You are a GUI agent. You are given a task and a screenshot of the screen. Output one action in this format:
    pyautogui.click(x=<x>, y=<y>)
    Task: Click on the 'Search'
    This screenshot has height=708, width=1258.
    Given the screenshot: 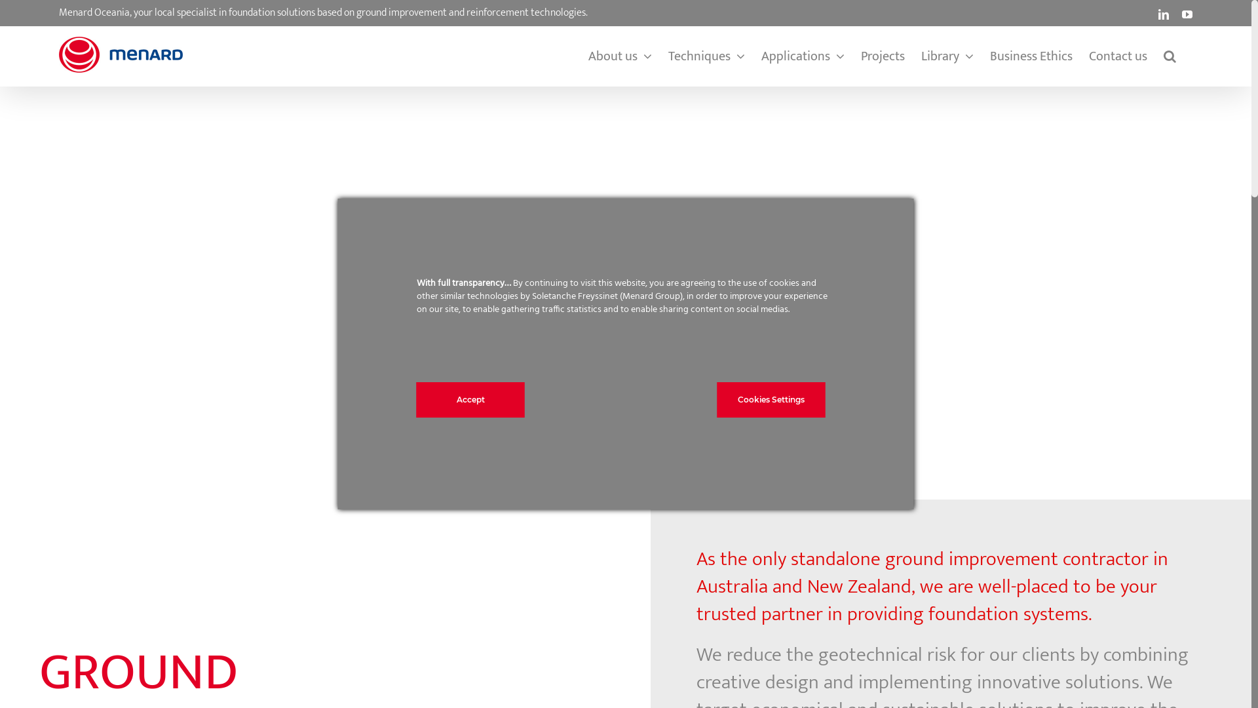 What is the action you would take?
    pyautogui.click(x=1170, y=55)
    